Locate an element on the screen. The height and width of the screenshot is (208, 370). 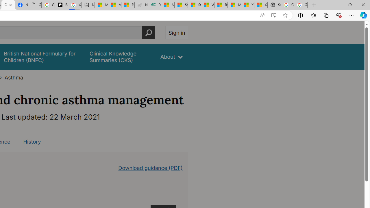
'false' is located at coordinates (119, 57).